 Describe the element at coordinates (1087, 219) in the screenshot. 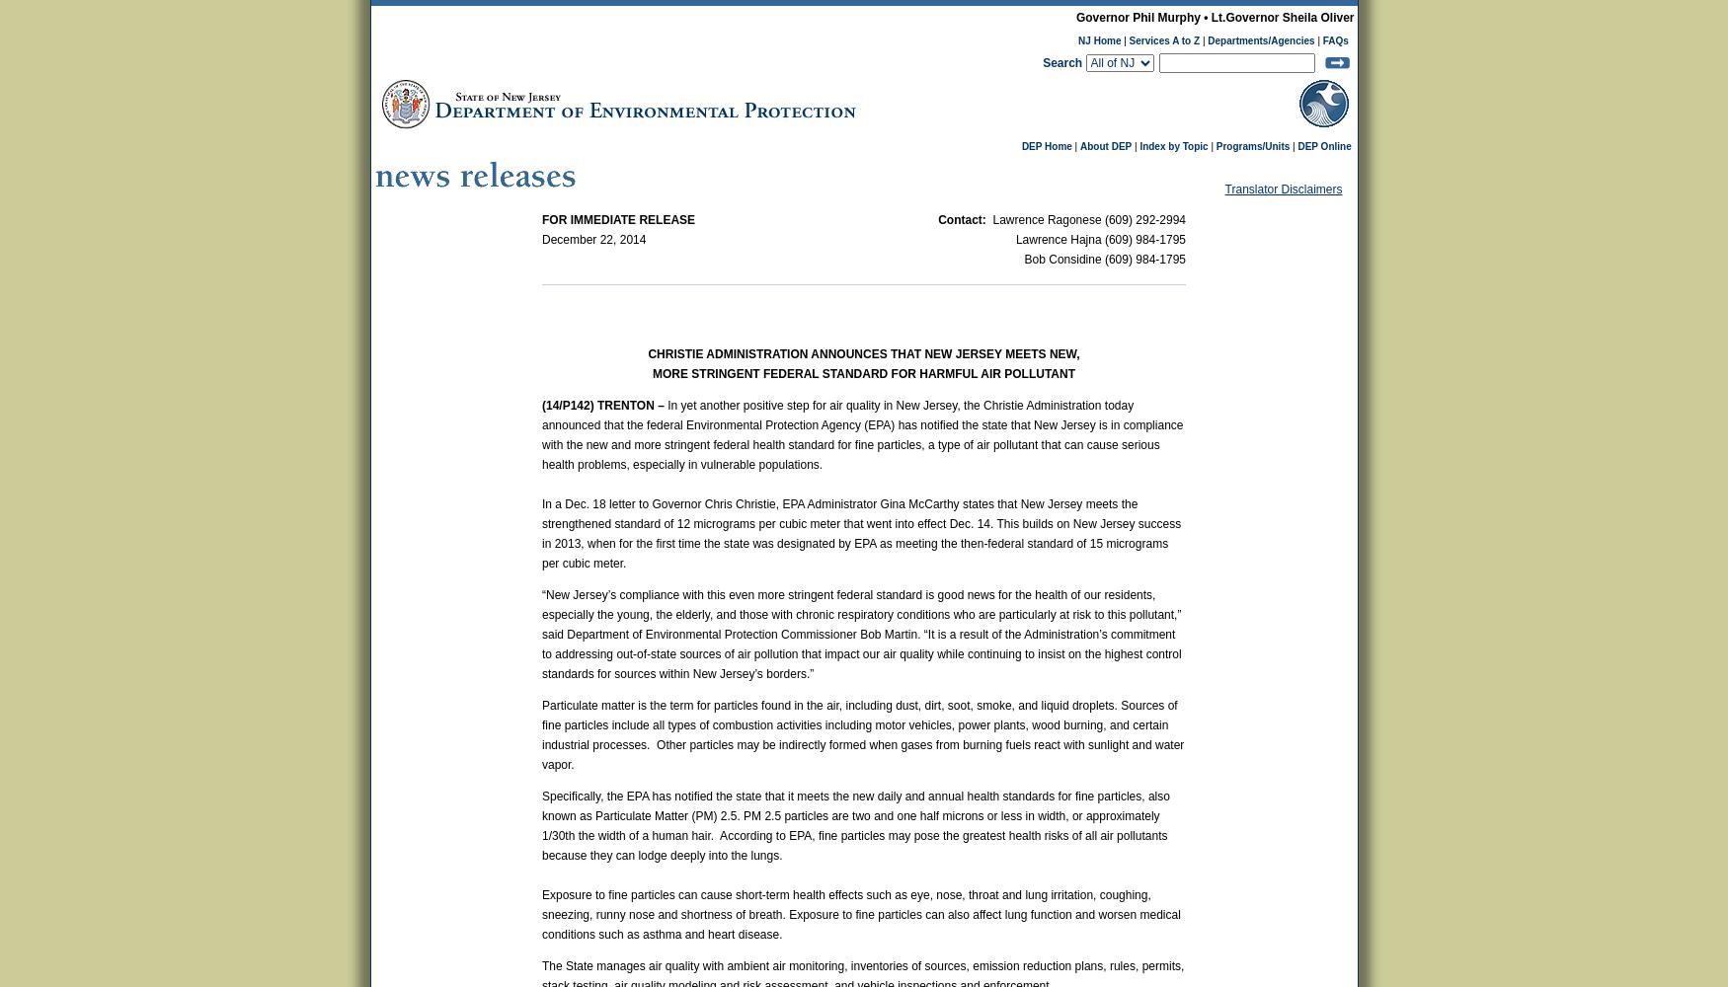

I see `'Lawrence Ragonese  (609) 292-2994'` at that location.